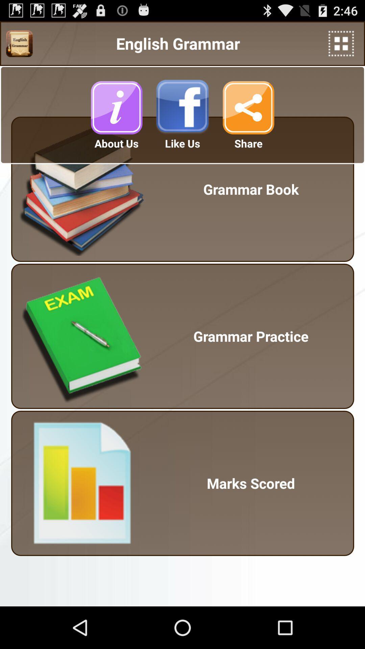  What do you see at coordinates (19, 43) in the screenshot?
I see `image` at bounding box center [19, 43].